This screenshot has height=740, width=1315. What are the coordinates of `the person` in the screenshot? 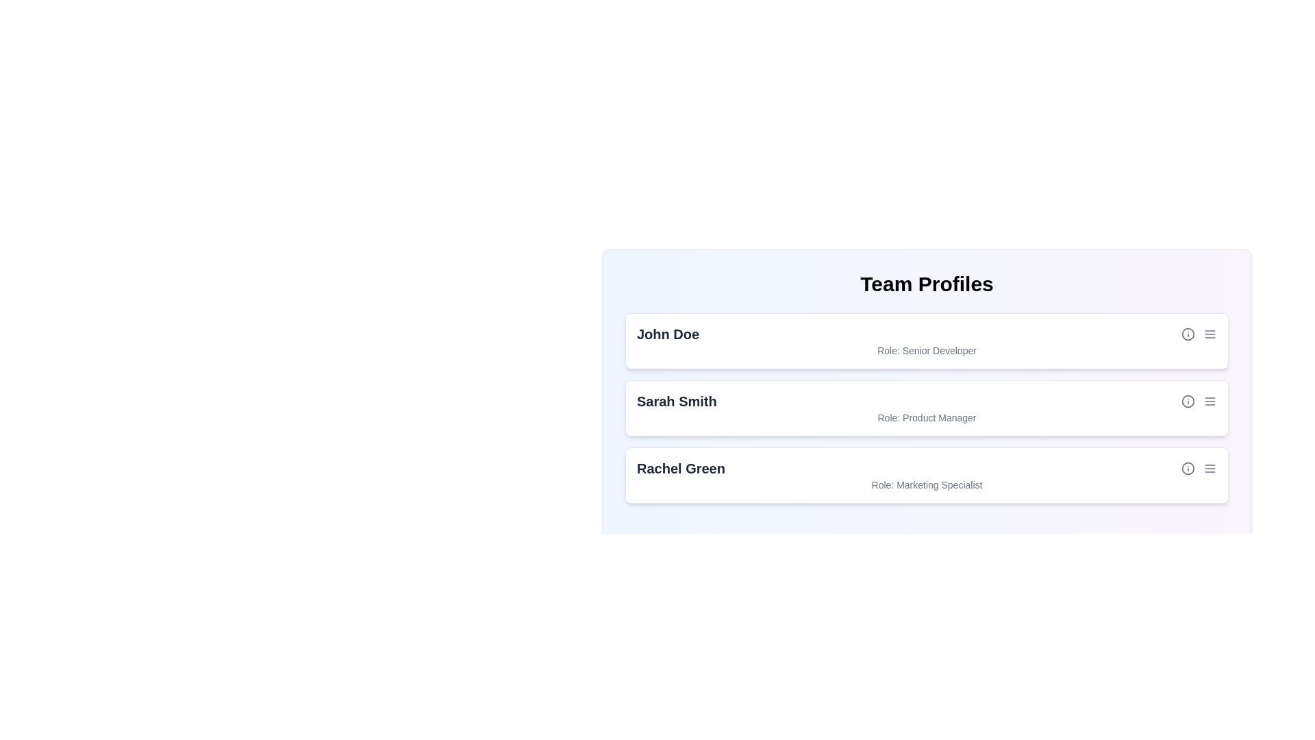 It's located at (681, 467).